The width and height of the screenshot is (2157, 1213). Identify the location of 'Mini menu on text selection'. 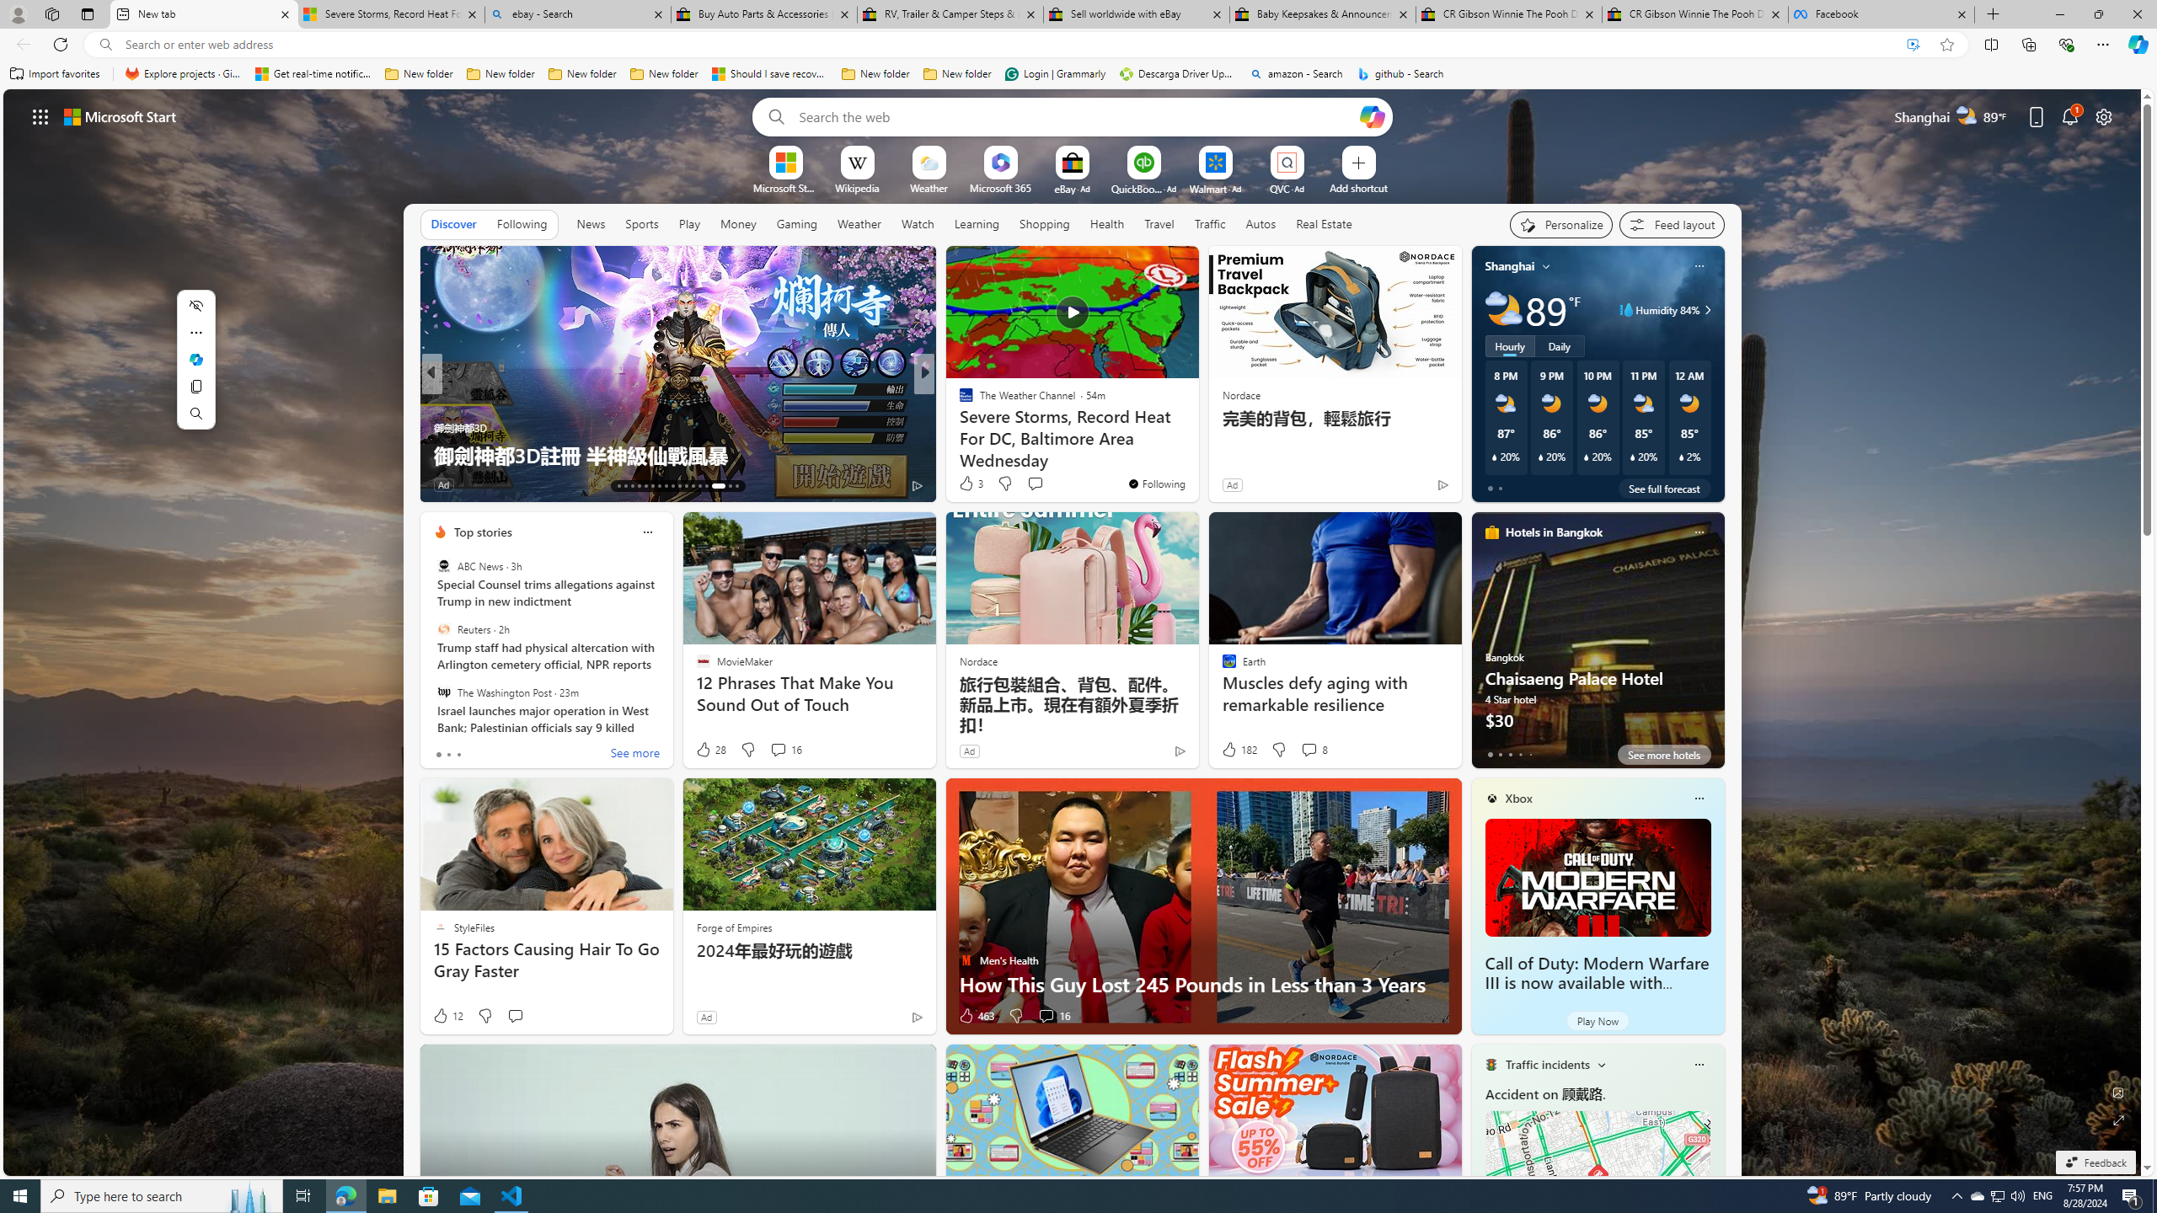
(195, 369).